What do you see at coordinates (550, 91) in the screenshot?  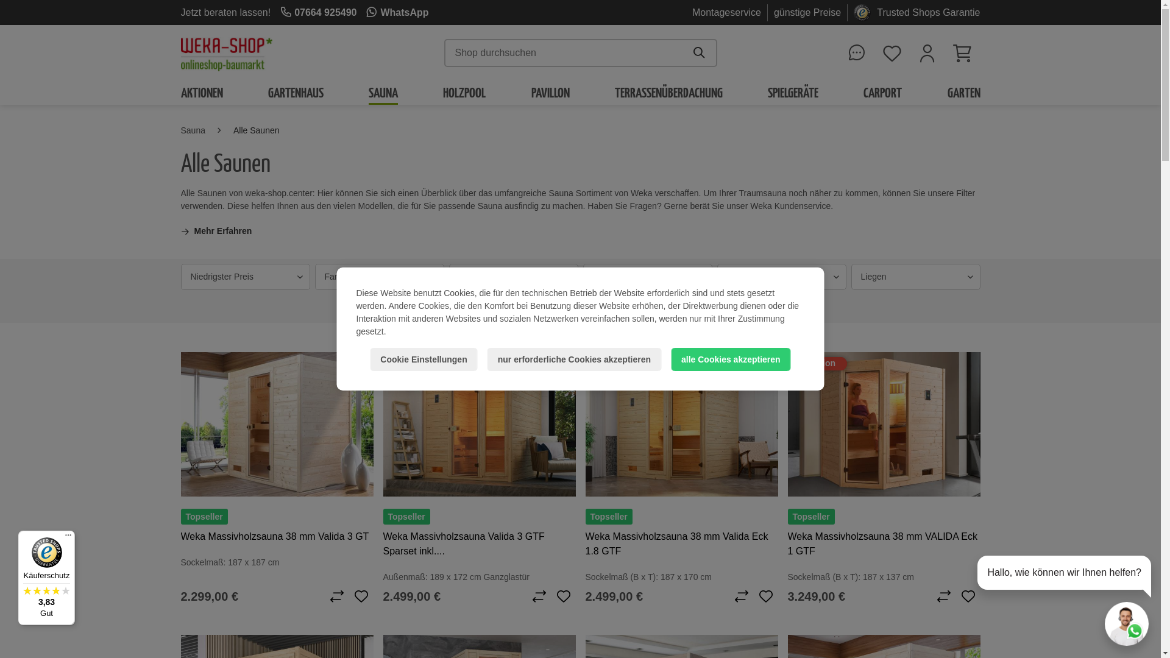 I see `'PAVILLON'` at bounding box center [550, 91].